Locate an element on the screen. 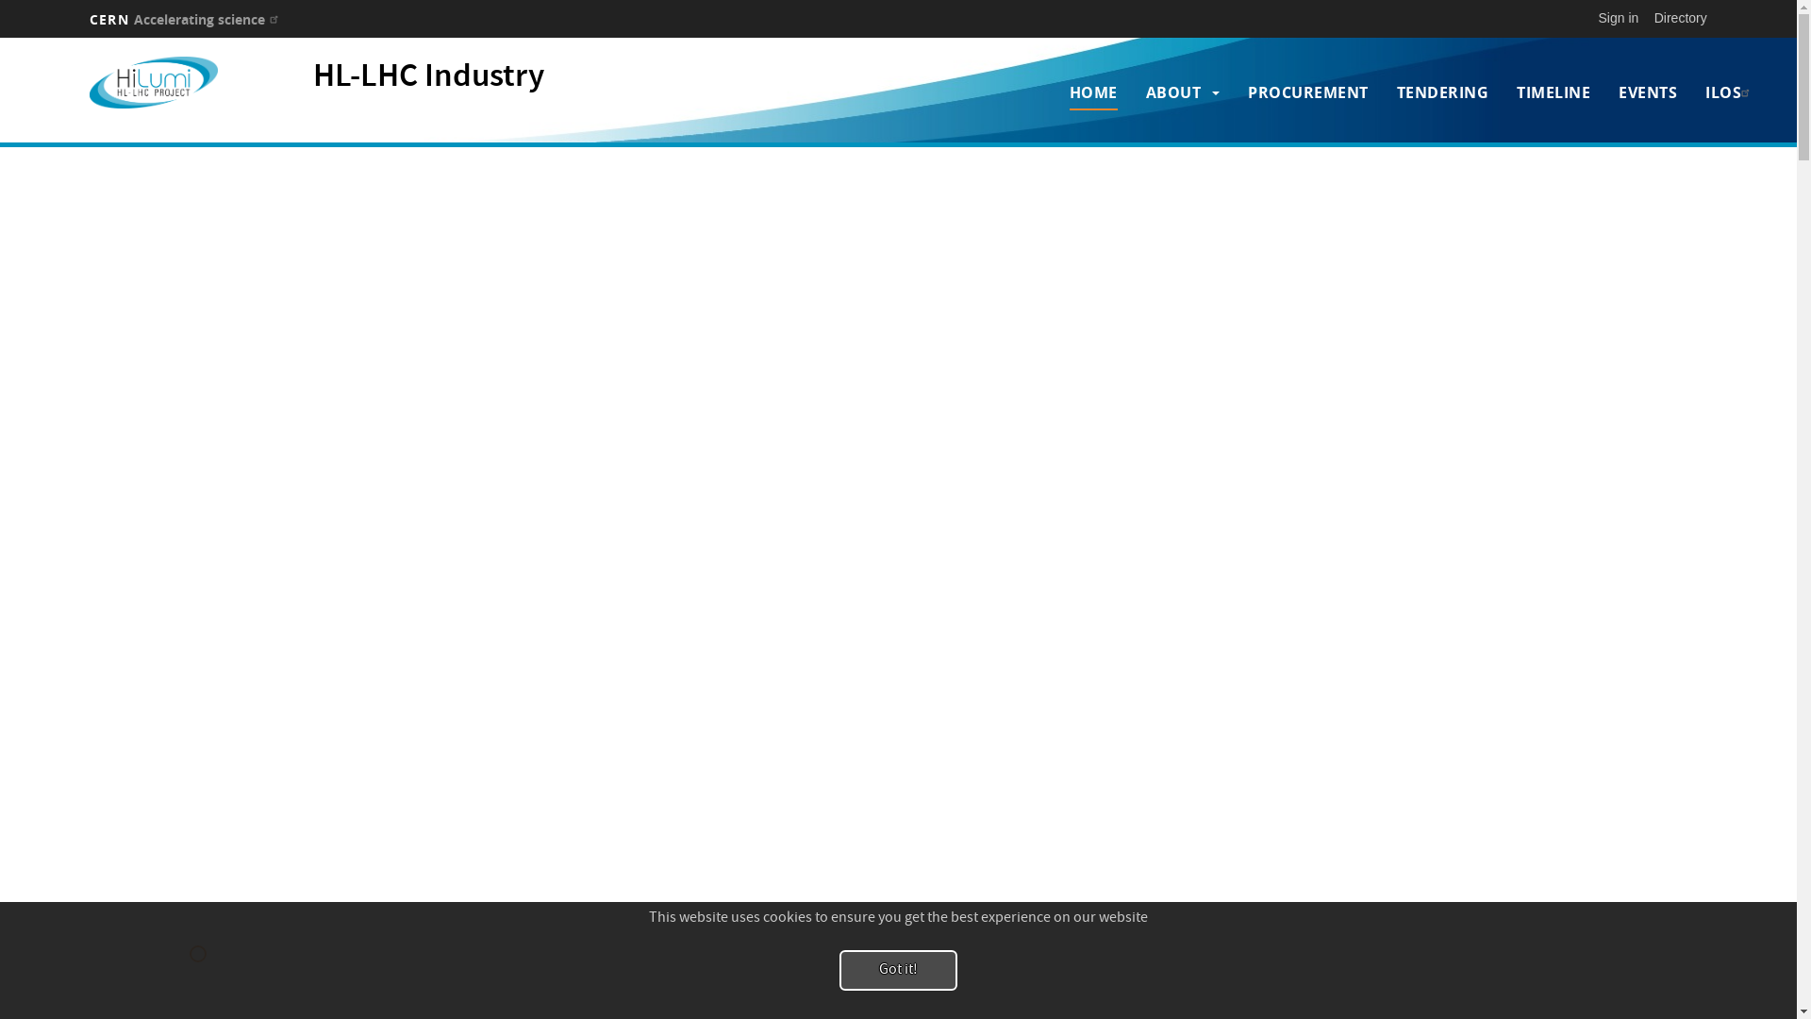  'Got it!' is located at coordinates (897, 970).